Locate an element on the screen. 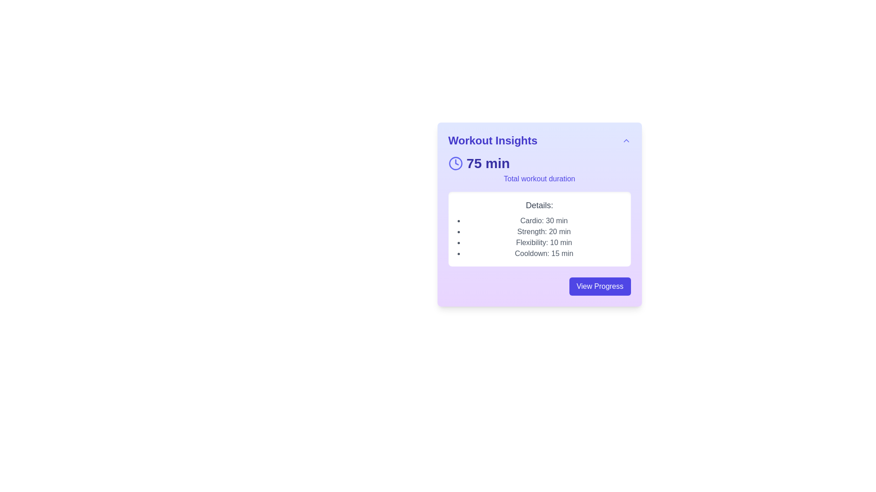  the text element displaying 'Strength: 20 min', which is the second item in the bulleted list under the 'Details' section of 'Workout Insights' is located at coordinates (544, 231).